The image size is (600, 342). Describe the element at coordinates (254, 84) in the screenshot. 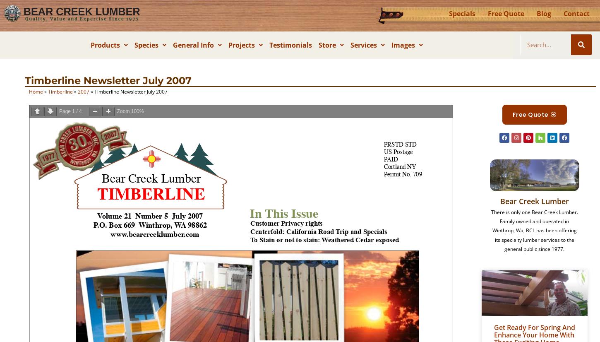

I see `'Architects'` at that location.